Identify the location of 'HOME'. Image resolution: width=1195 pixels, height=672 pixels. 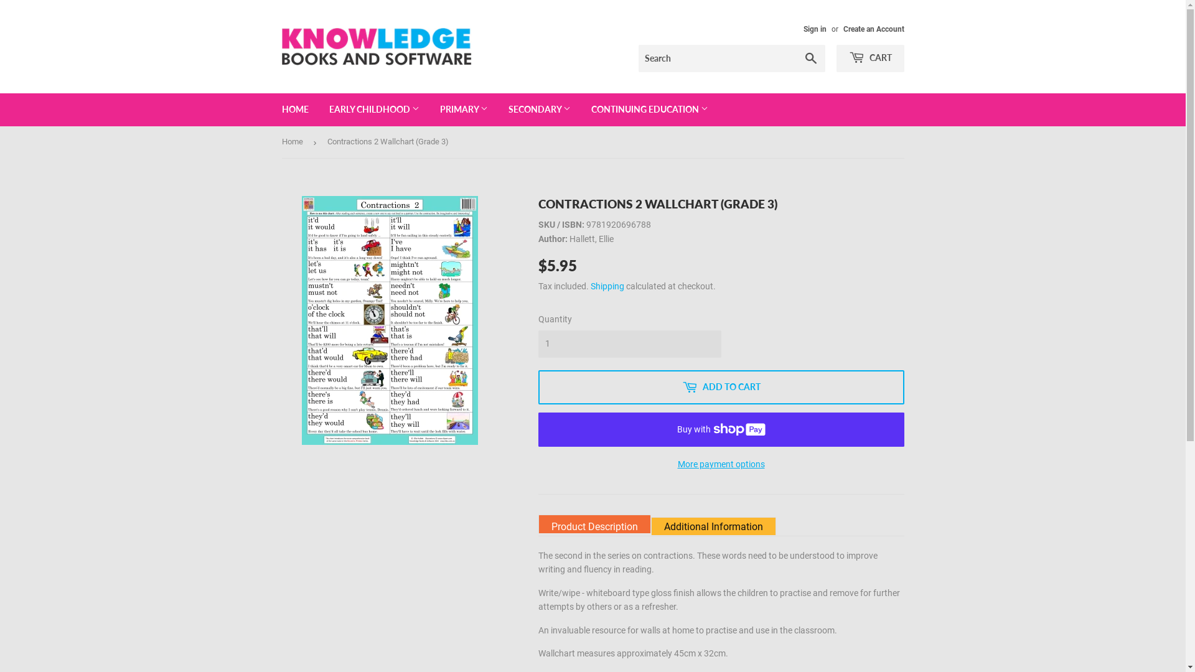
(271, 109).